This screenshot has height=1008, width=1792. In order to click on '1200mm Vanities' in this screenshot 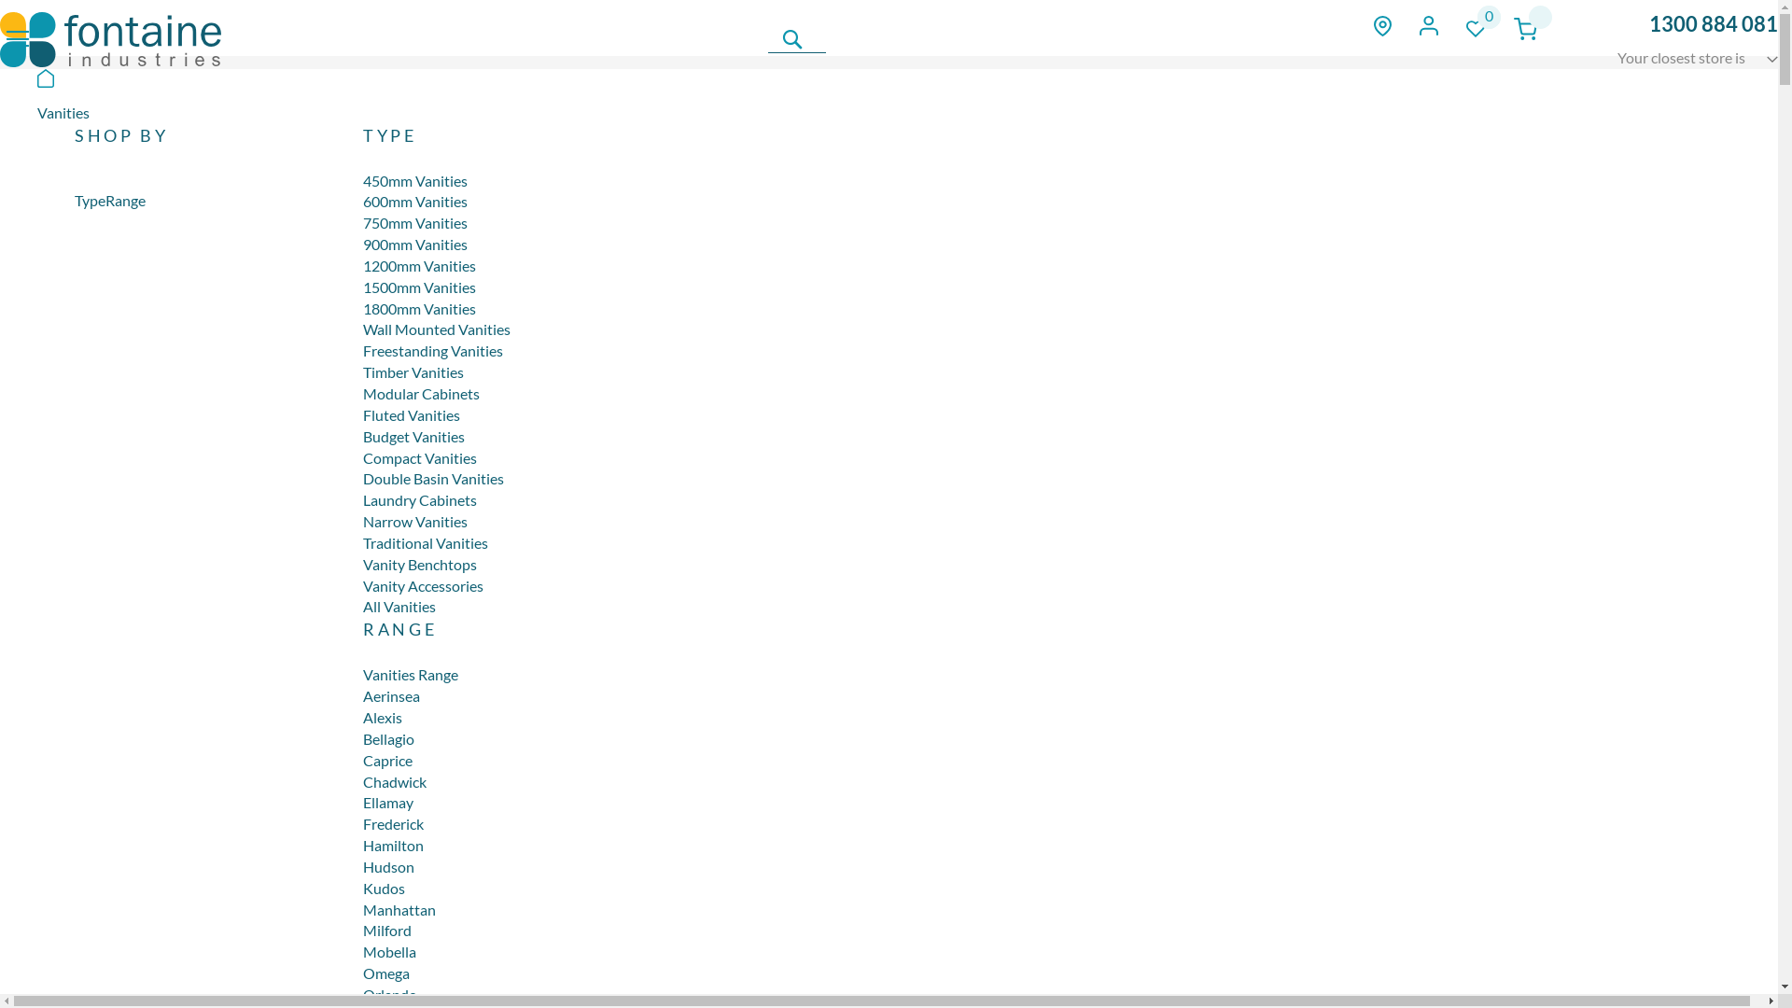, I will do `click(418, 265)`.